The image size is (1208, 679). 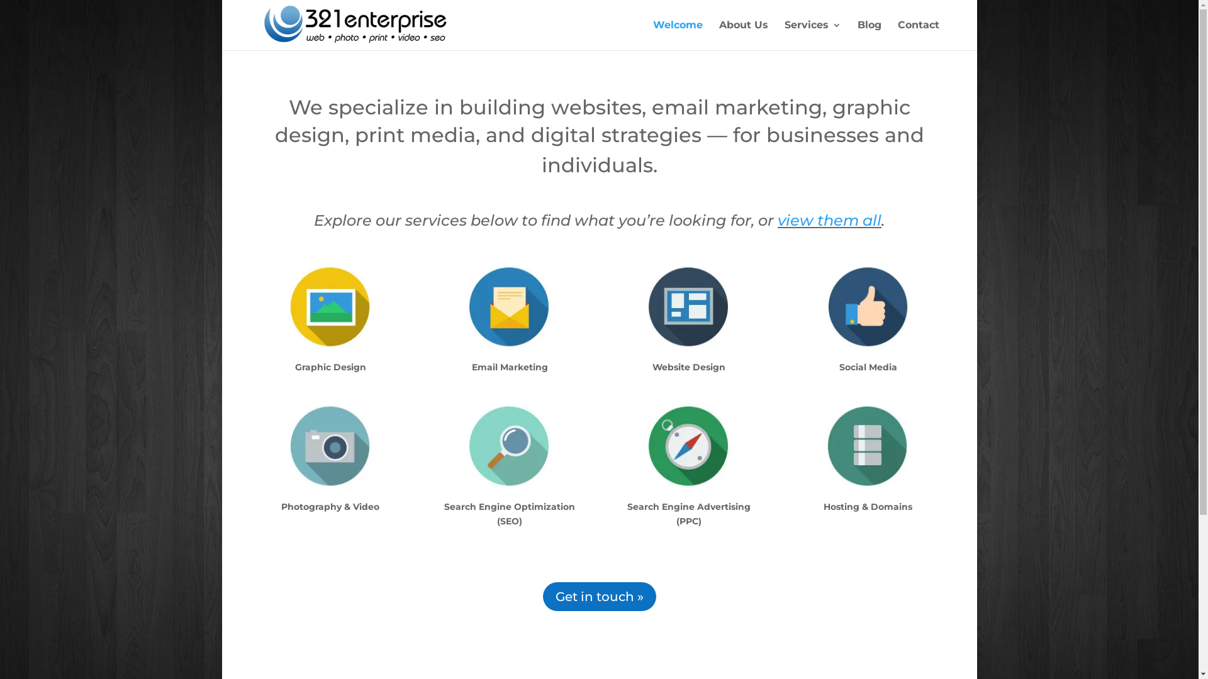 What do you see at coordinates (330, 445) in the screenshot?
I see `'camera-tout'` at bounding box center [330, 445].